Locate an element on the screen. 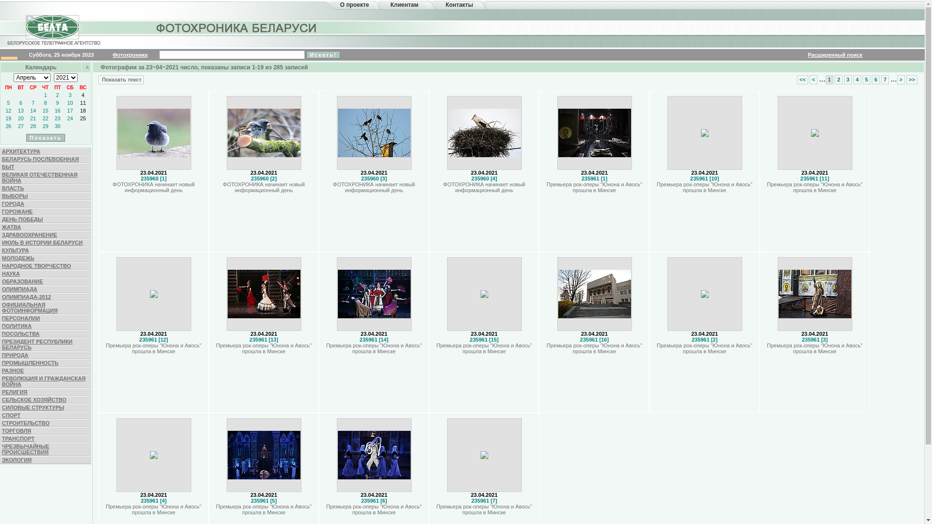 This screenshot has width=932, height=524. '3' is located at coordinates (843, 79).